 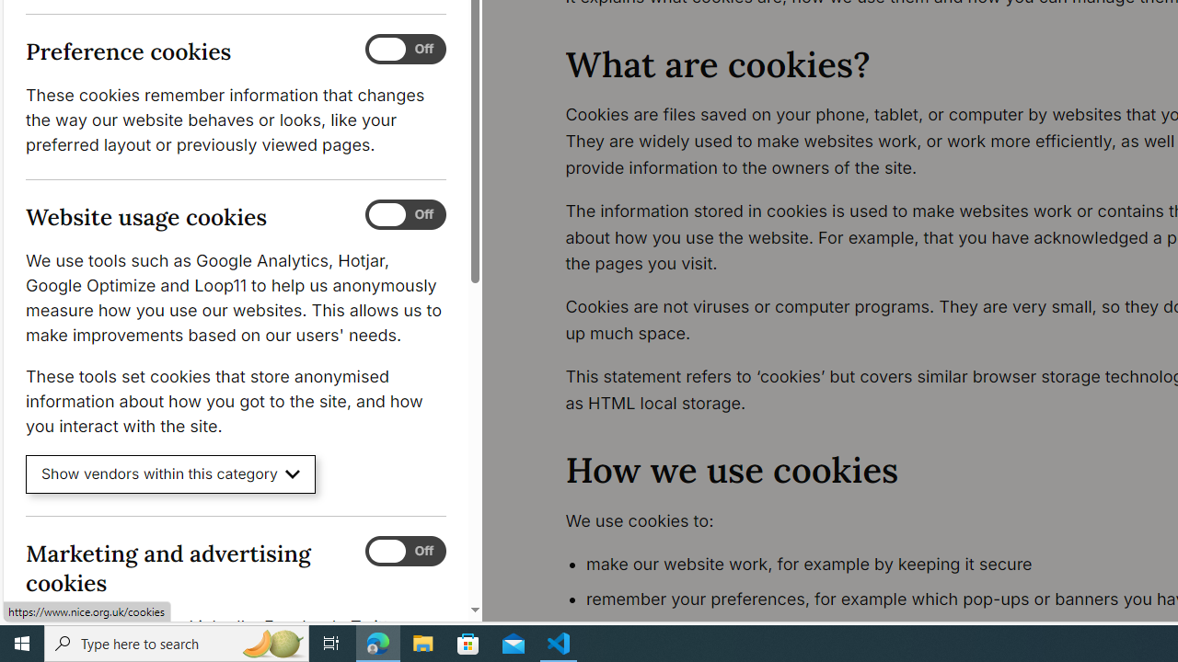 What do you see at coordinates (404, 49) in the screenshot?
I see `'Preference cookies'` at bounding box center [404, 49].